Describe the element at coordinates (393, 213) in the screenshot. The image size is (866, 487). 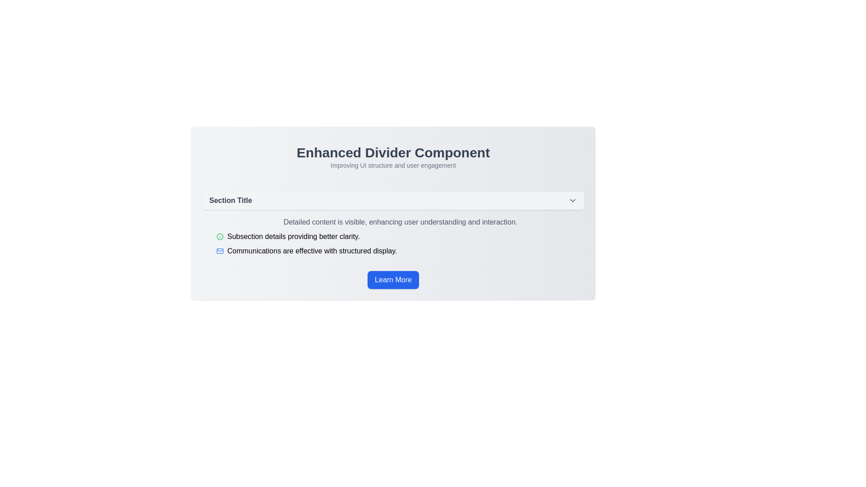
I see `the 'Enhanced Divider Component' which includes a collapsible title bar labeled 'Section Title'` at that location.